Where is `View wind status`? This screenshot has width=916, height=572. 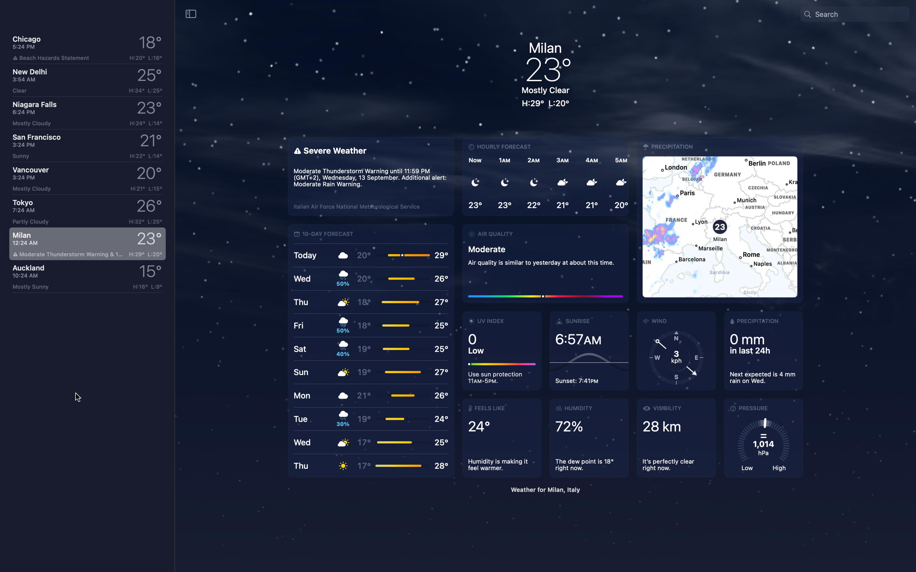
View wind status is located at coordinates (676, 350).